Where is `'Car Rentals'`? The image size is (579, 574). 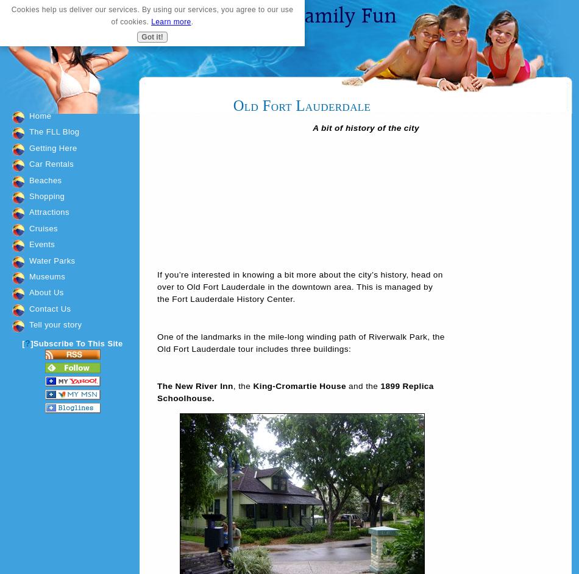
'Car Rentals' is located at coordinates (51, 163).